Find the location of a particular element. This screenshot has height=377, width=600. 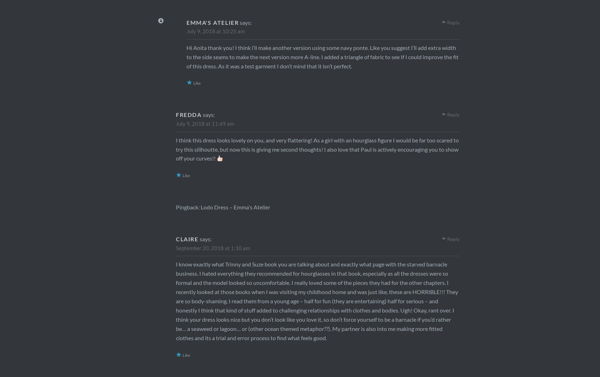

'July 9, 2018 at 10:25 am' is located at coordinates (215, 31).